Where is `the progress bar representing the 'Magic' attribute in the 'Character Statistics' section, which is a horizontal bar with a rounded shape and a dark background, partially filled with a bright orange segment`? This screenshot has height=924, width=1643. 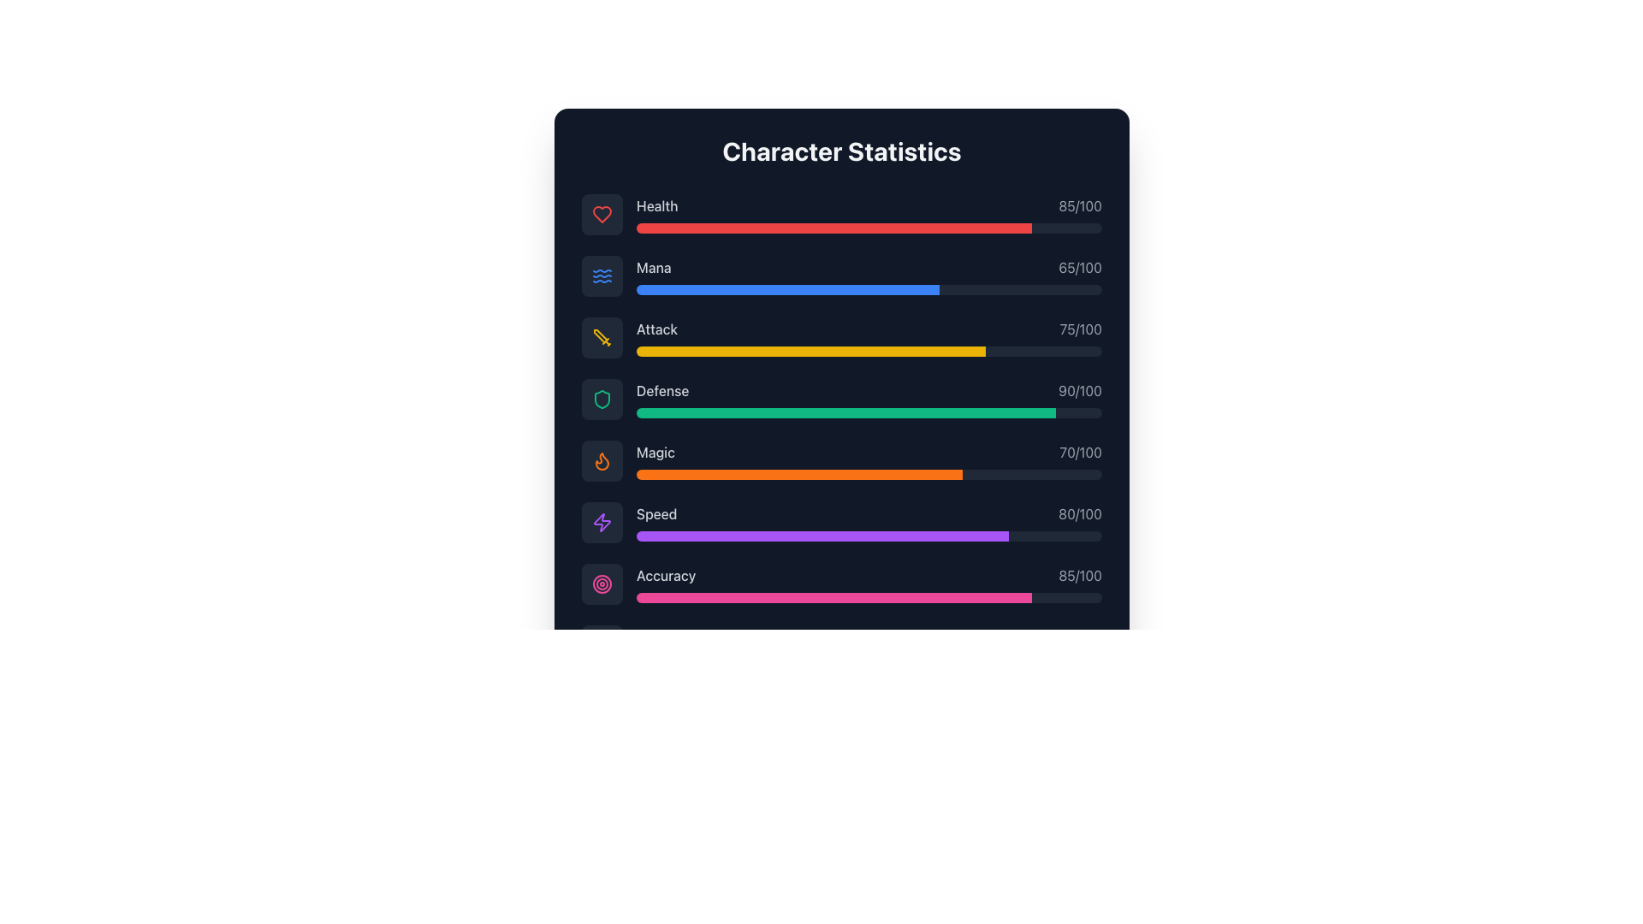
the progress bar representing the 'Magic' attribute in the 'Character Statistics' section, which is a horizontal bar with a rounded shape and a dark background, partially filled with a bright orange segment is located at coordinates (869, 475).